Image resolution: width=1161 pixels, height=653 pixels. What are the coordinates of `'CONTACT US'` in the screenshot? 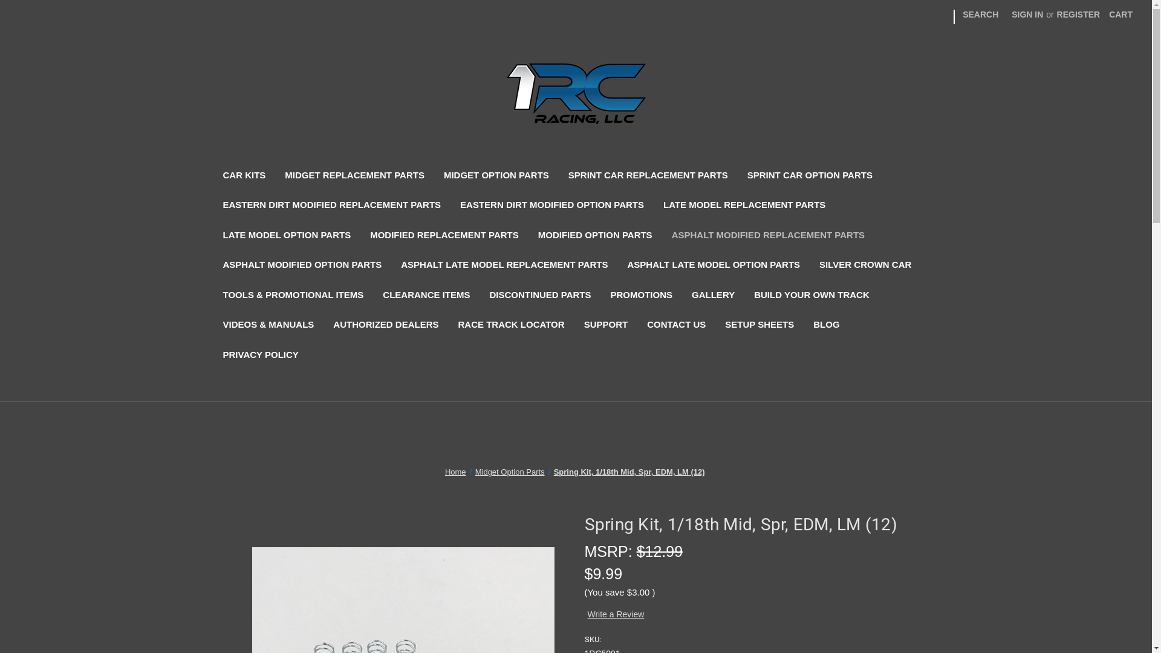 It's located at (675, 325).